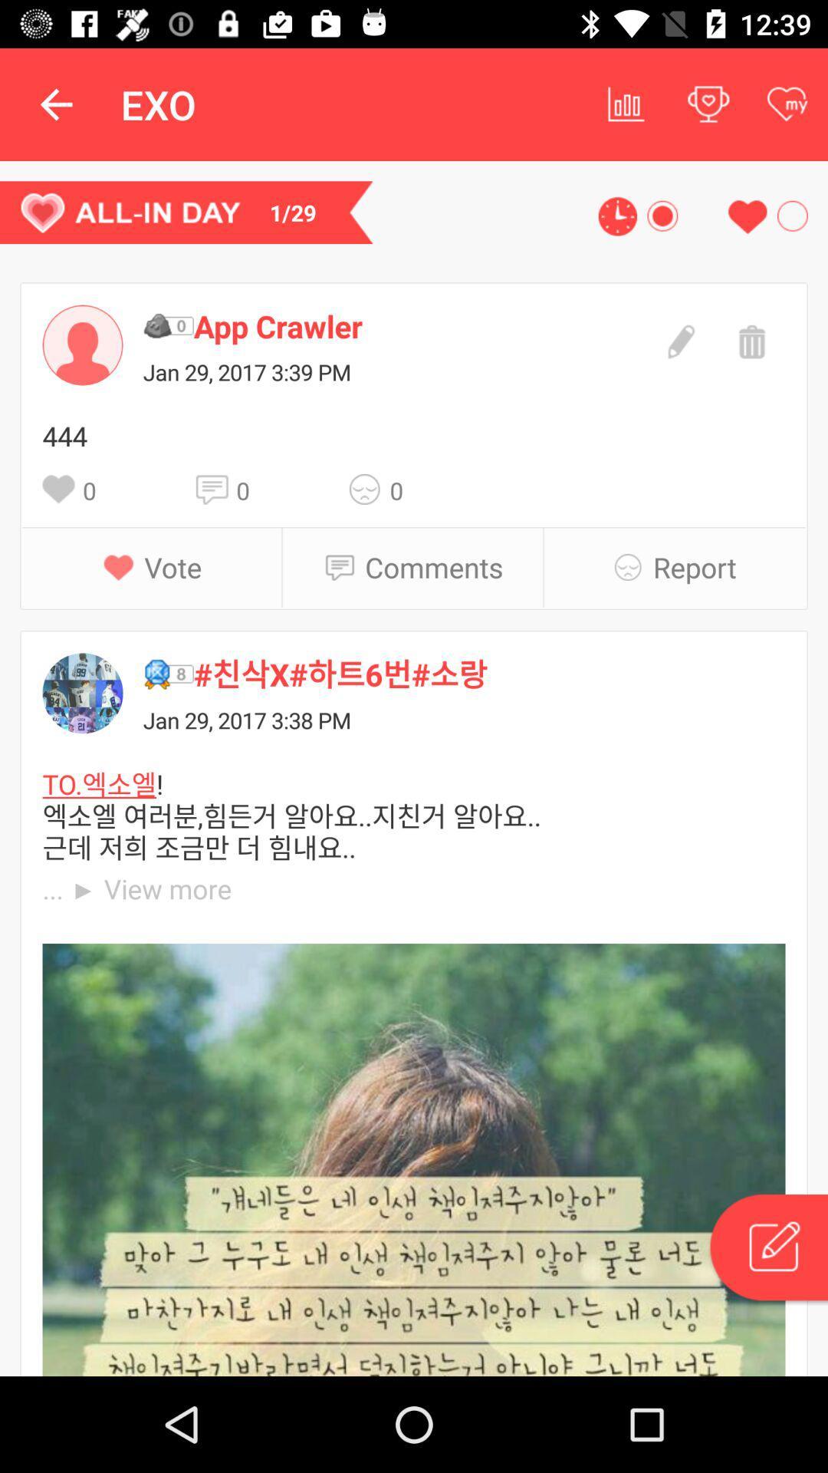 The height and width of the screenshot is (1473, 828). Describe the element at coordinates (419, 325) in the screenshot. I see `item above jan 29 2017 icon` at that location.